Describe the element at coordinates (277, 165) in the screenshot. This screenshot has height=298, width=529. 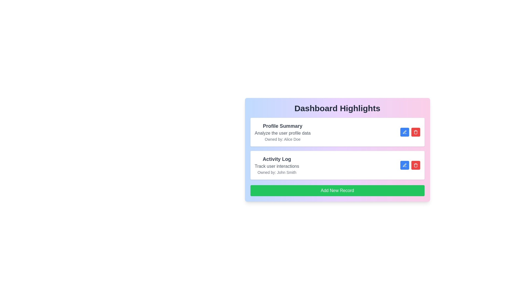
I see `the informational text block titled 'Activity Log' that contains the subtitle 'Track user interactions' and footnote 'Owned by: John Smith'` at that location.